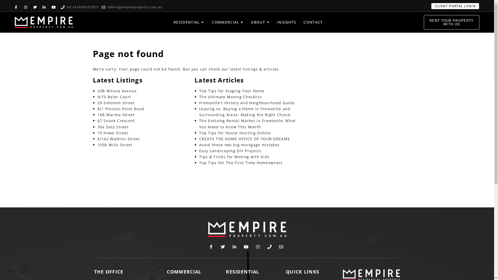 The image size is (498, 280). What do you see at coordinates (116, 114) in the screenshot?
I see `'16B Martha Street'` at bounding box center [116, 114].